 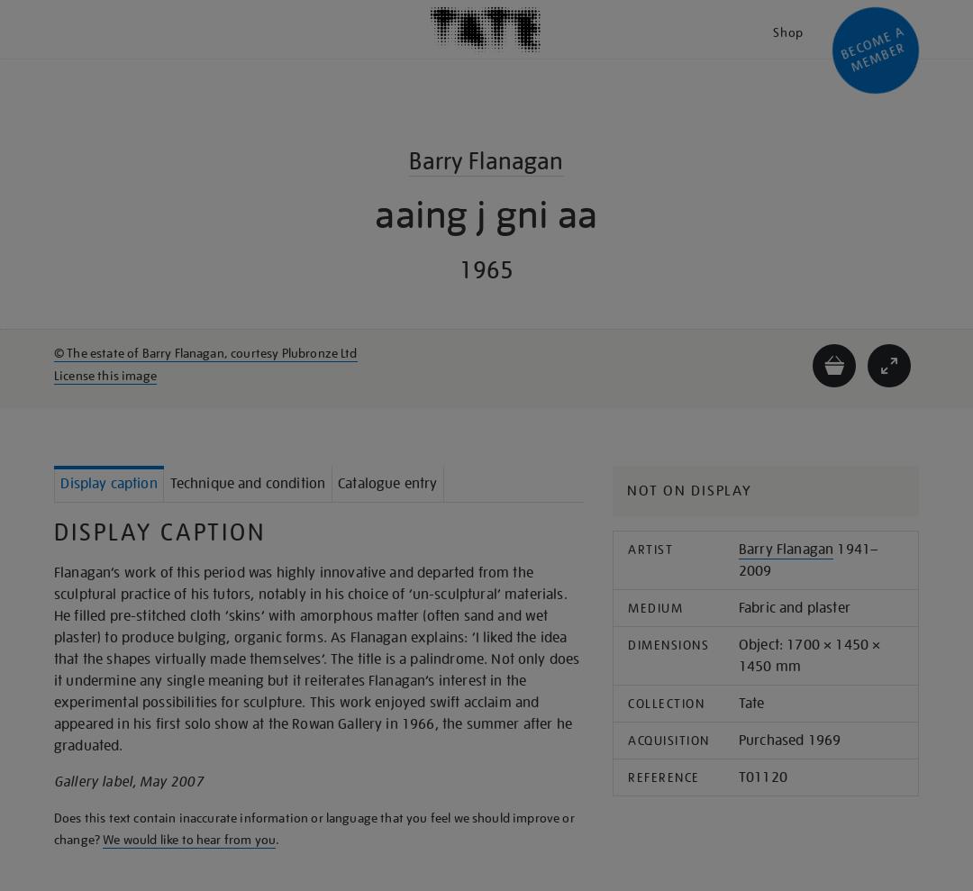 What do you see at coordinates (313, 827) in the screenshot?
I see `'Does this text contain inaccurate information or language that you feel we should improve or change?'` at bounding box center [313, 827].